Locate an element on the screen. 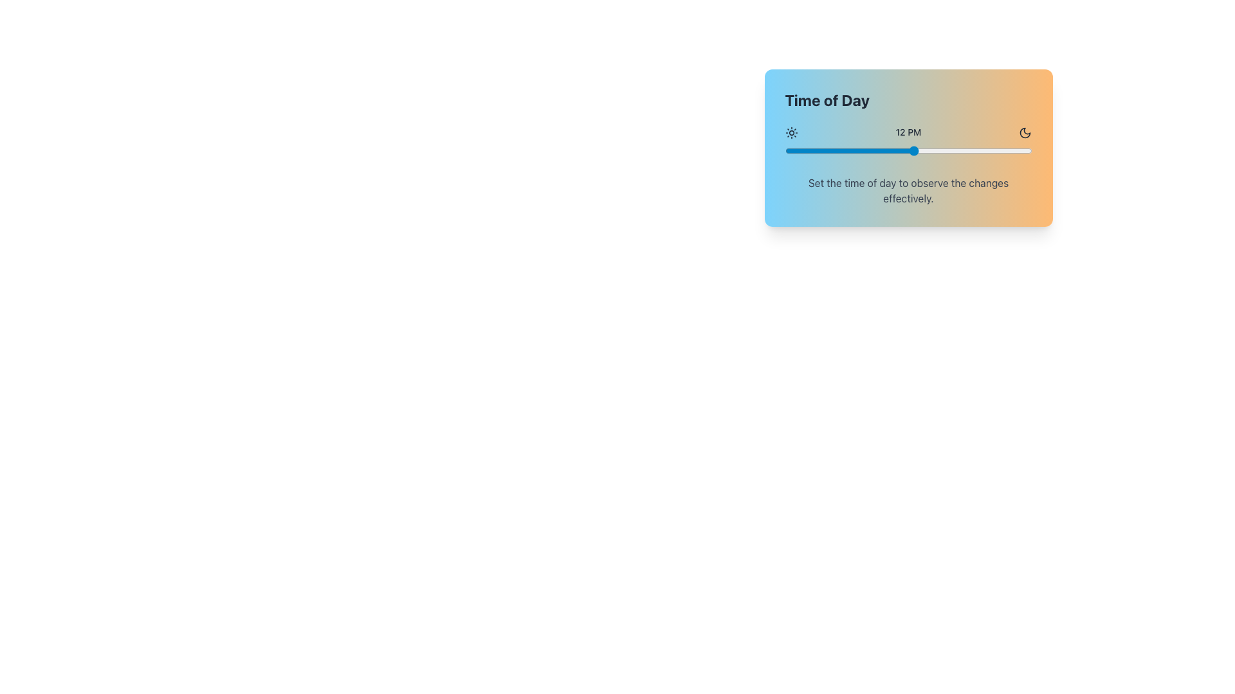 The width and height of the screenshot is (1235, 694). the sun-like icon with a circular core and radiating lines, located to the left of the '12 PM' time indicator is located at coordinates (791, 132).